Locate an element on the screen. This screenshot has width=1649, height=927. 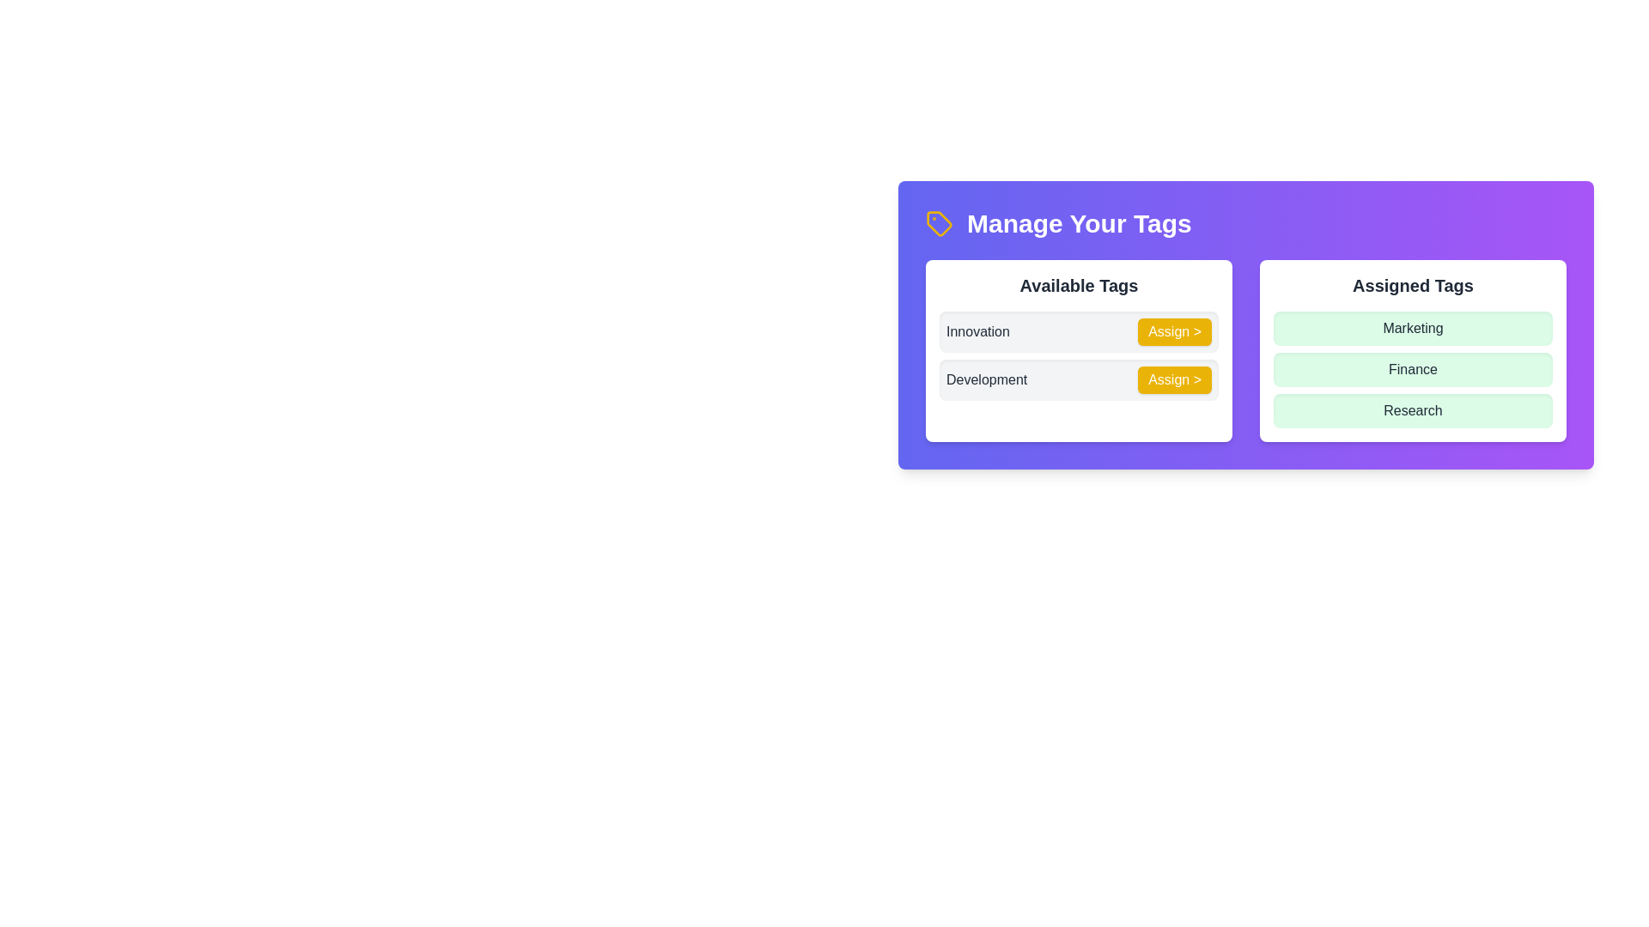
the 'Innovation' tag from the 'Available Tags' section is located at coordinates (1078, 331).